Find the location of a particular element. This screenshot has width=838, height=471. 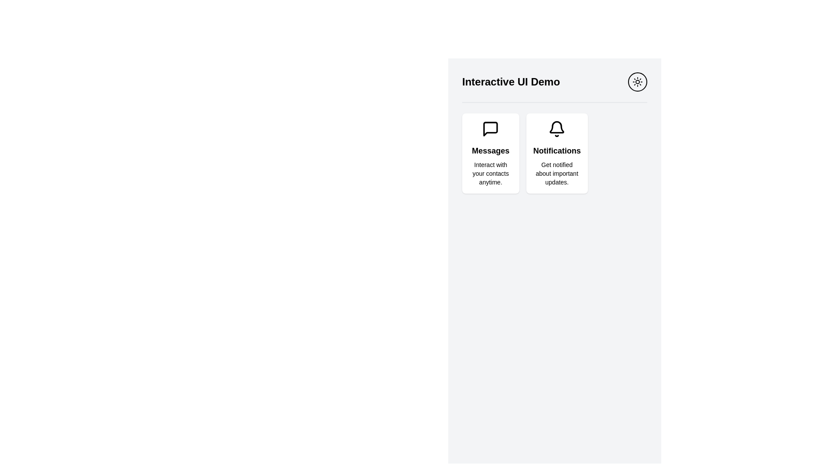

the text label that says 'Get notified about important updates.' located below the 'Notifications' title in the rightmost card of the group is located at coordinates (556, 173).